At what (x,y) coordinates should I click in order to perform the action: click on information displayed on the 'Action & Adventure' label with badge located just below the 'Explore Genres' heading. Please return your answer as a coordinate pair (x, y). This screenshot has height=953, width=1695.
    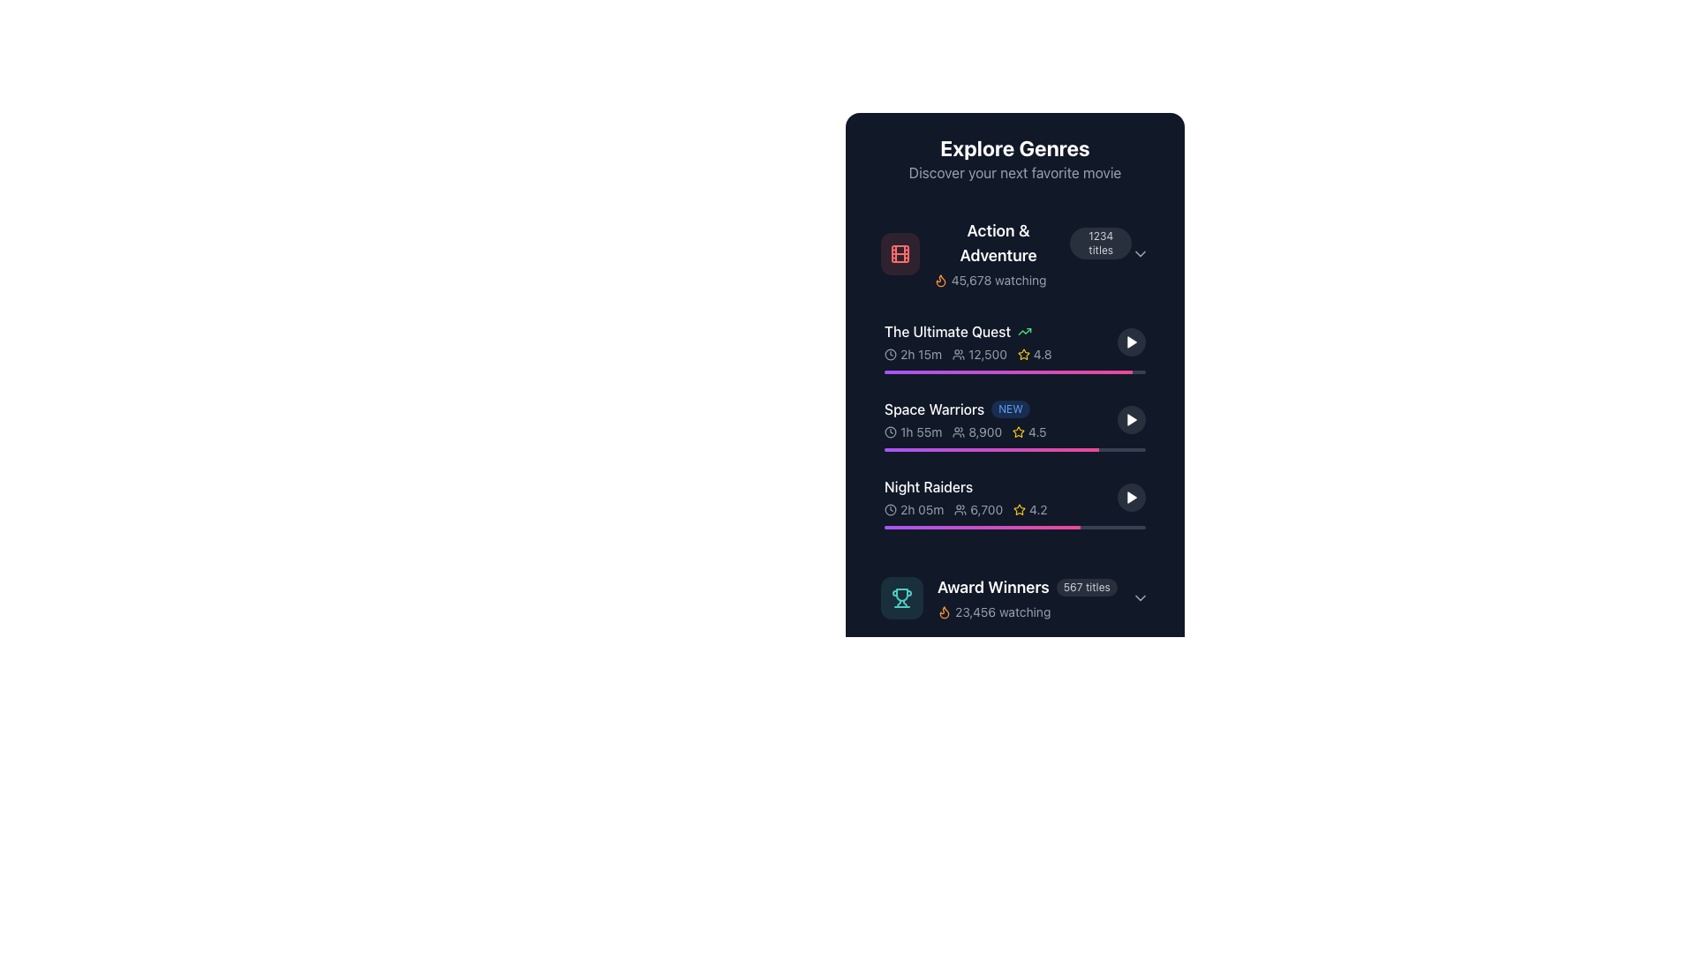
    Looking at the image, I should click on (1032, 244).